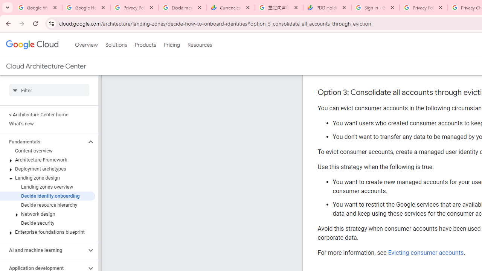 The width and height of the screenshot is (482, 271). Describe the element at coordinates (375, 8) in the screenshot. I see `'Sign in - Google Accounts'` at that location.